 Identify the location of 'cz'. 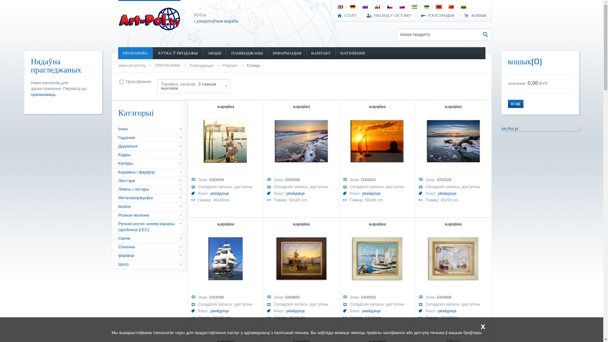
(389, 7).